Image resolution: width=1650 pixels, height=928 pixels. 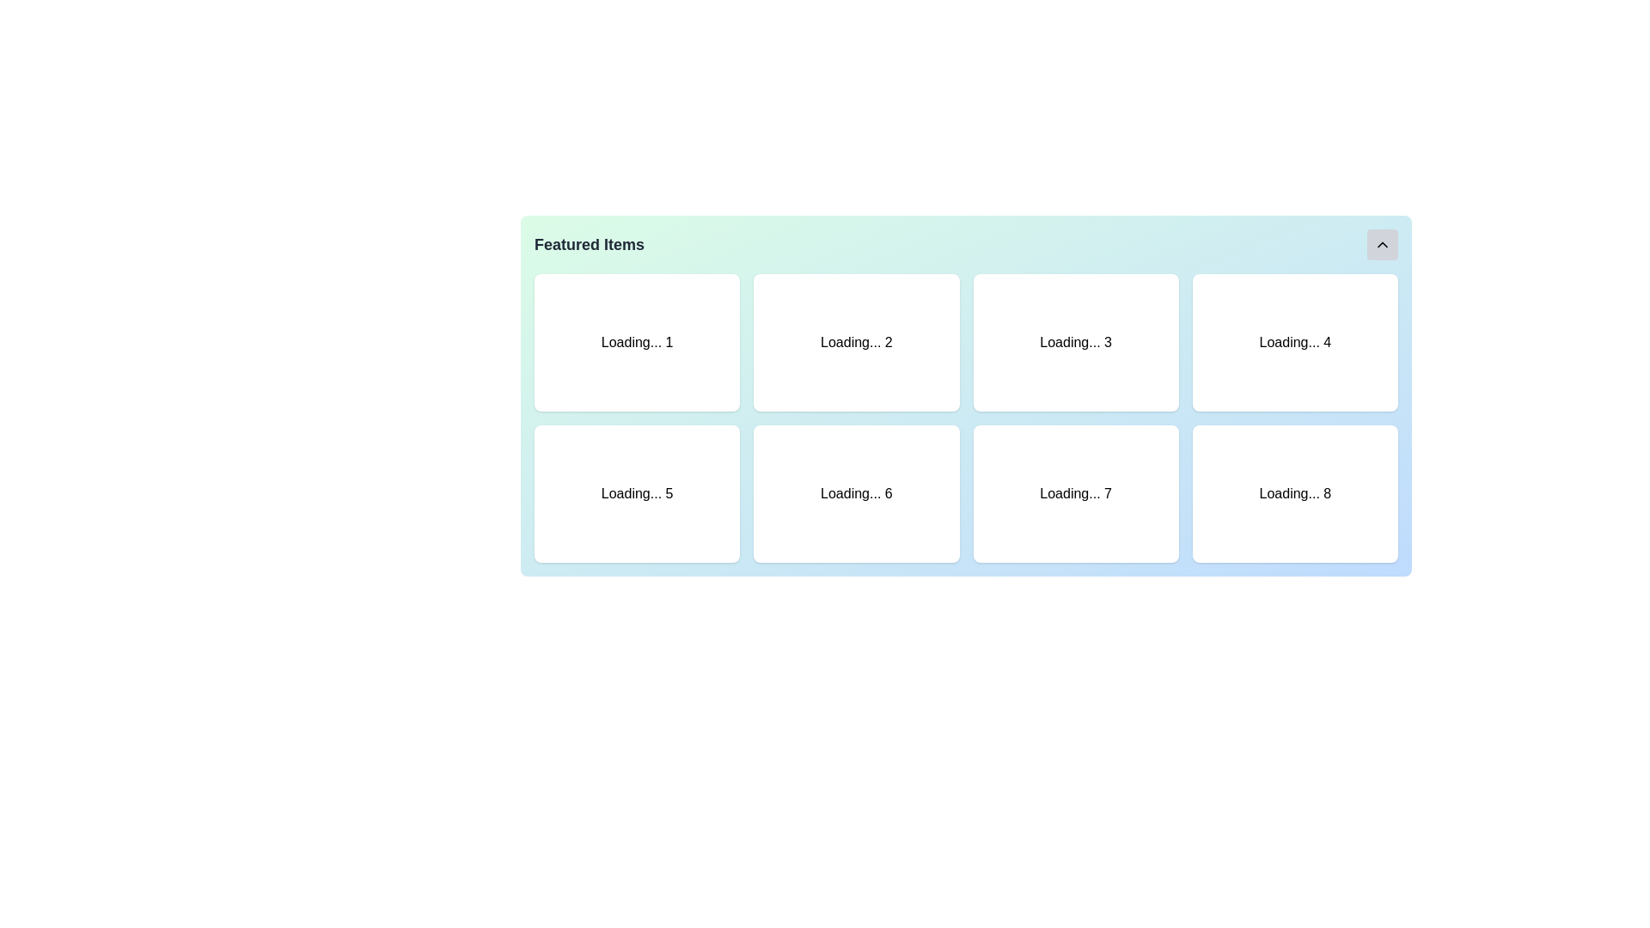 I want to click on the static text card indicating the loading status, located in the second row, first column of the grid layout, so click(x=636, y=493).